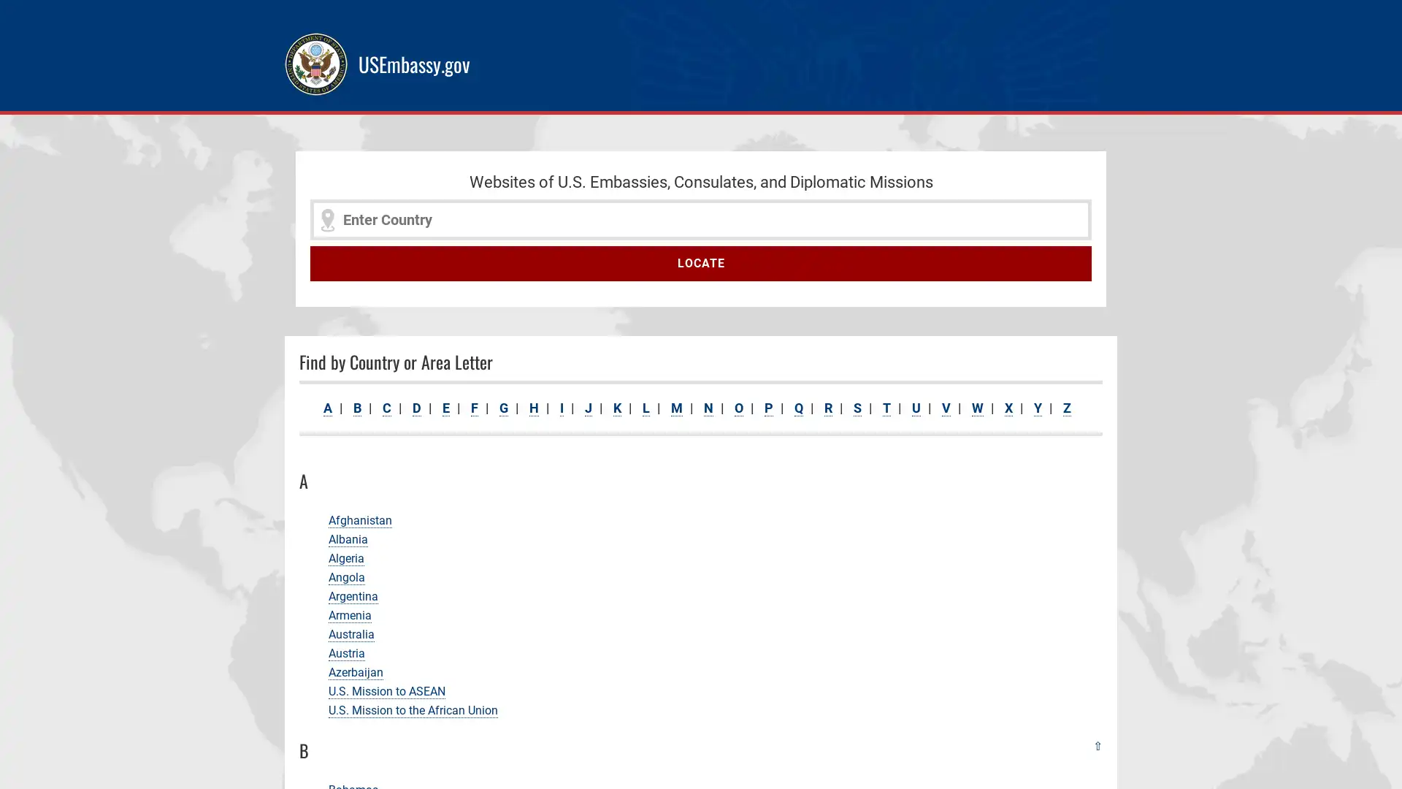 Image resolution: width=1402 pixels, height=789 pixels. What do you see at coordinates (701, 264) in the screenshot?
I see `Locate` at bounding box center [701, 264].